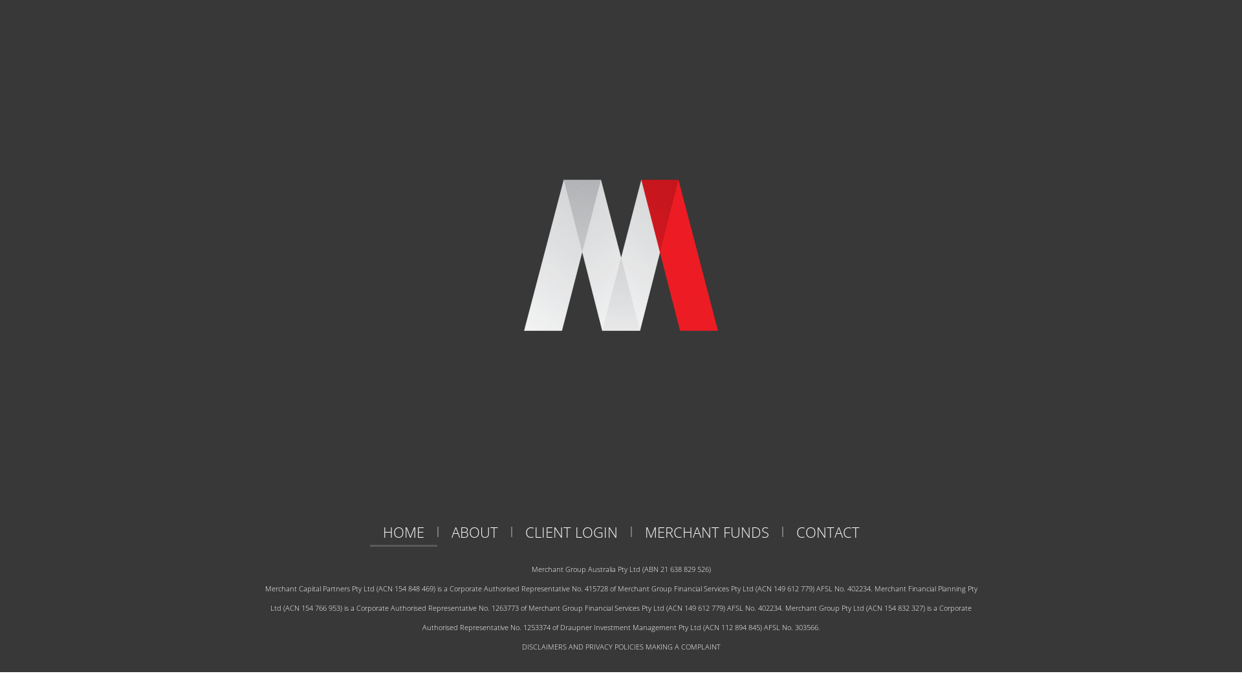 This screenshot has width=1242, height=698. What do you see at coordinates (512, 531) in the screenshot?
I see `'CLIENT LOGIN'` at bounding box center [512, 531].